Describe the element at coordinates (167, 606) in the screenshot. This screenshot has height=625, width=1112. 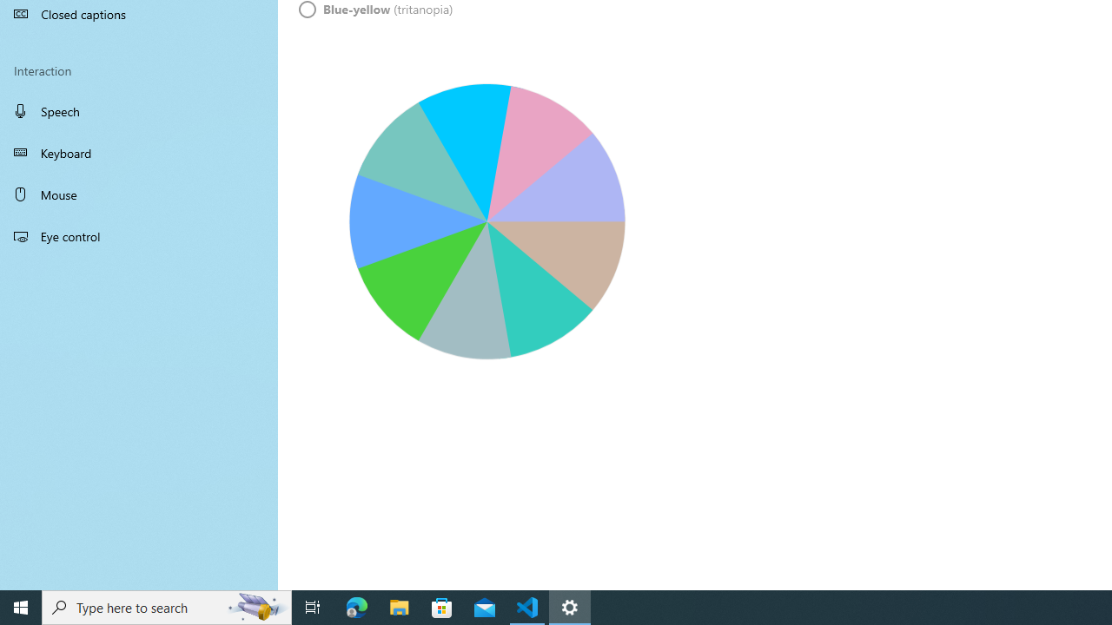
I see `'Type here to search'` at that location.